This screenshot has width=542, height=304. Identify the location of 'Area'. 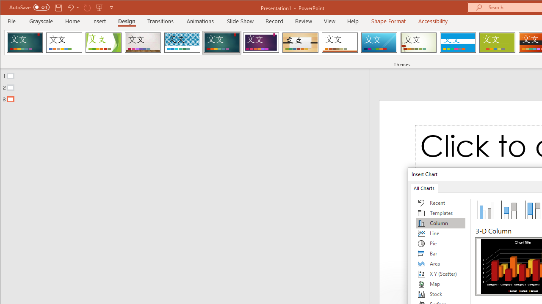
(440, 263).